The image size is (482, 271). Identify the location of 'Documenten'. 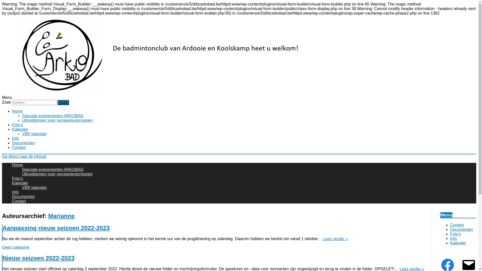
(23, 143).